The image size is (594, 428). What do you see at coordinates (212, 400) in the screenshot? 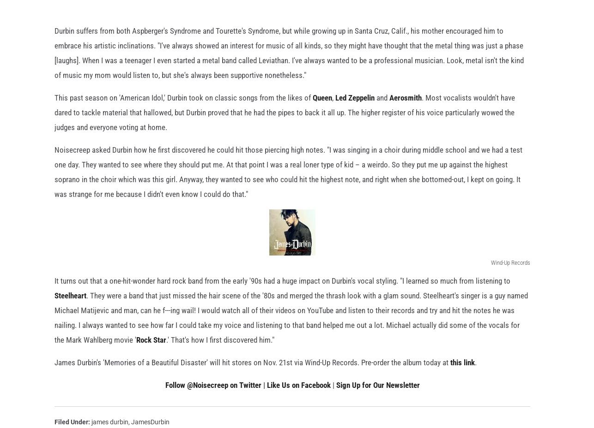
I see `'Follow @Noisecreep on Twitter'` at bounding box center [212, 400].